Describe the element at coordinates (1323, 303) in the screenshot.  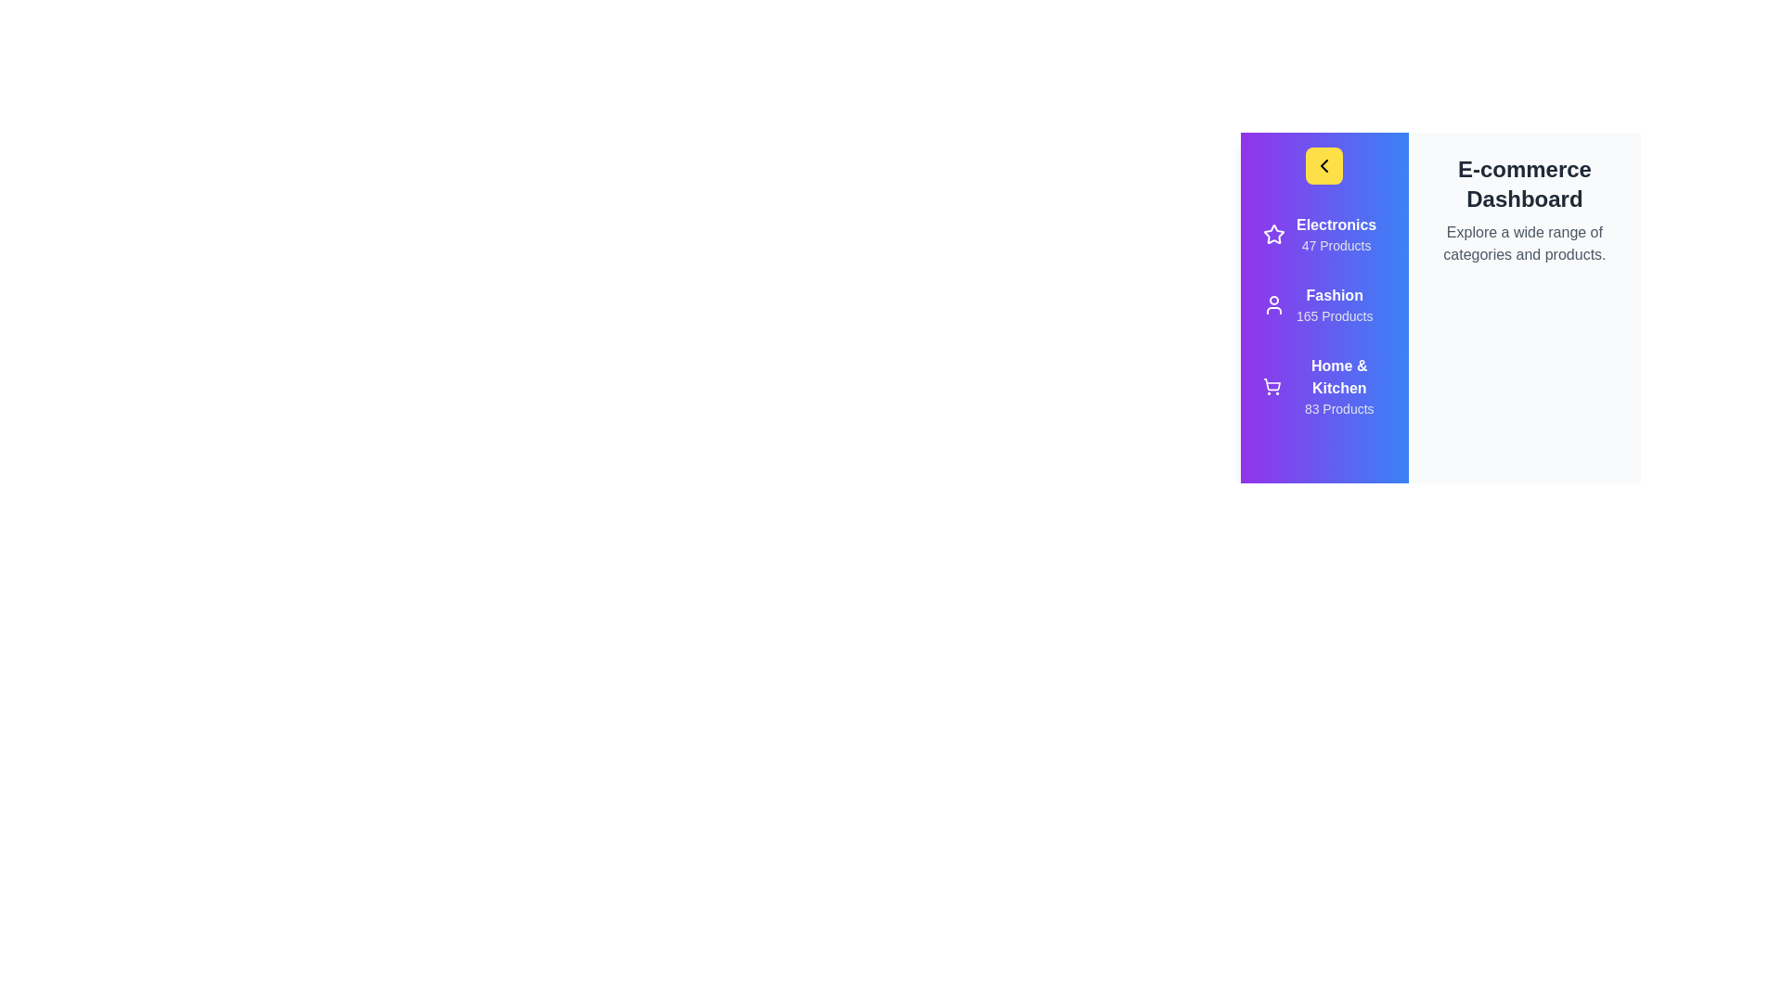
I see `the category Fashion to select it` at that location.